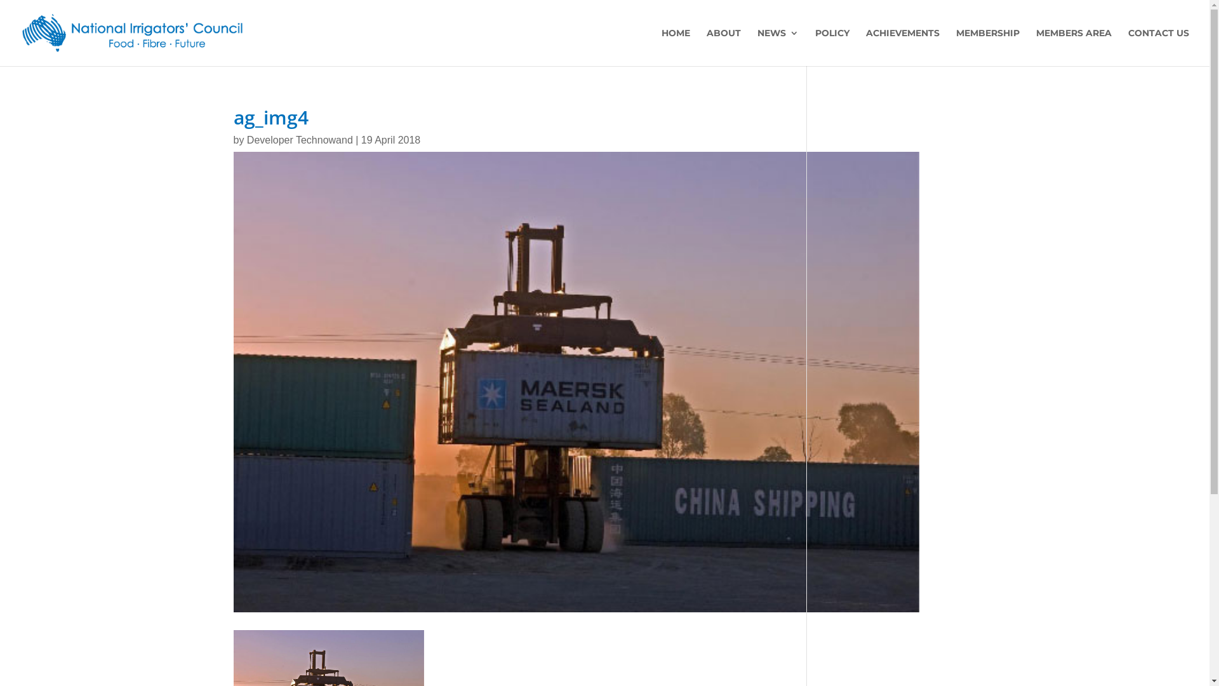  What do you see at coordinates (987, 46) in the screenshot?
I see `'MEMBERSHIP'` at bounding box center [987, 46].